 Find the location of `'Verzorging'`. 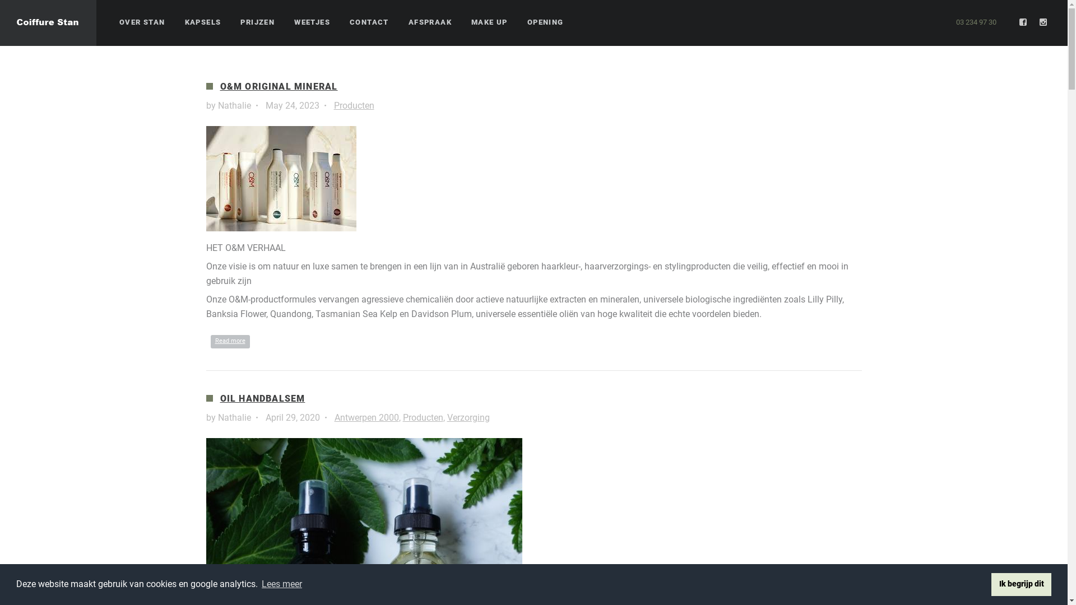

'Verzorging' is located at coordinates (468, 417).